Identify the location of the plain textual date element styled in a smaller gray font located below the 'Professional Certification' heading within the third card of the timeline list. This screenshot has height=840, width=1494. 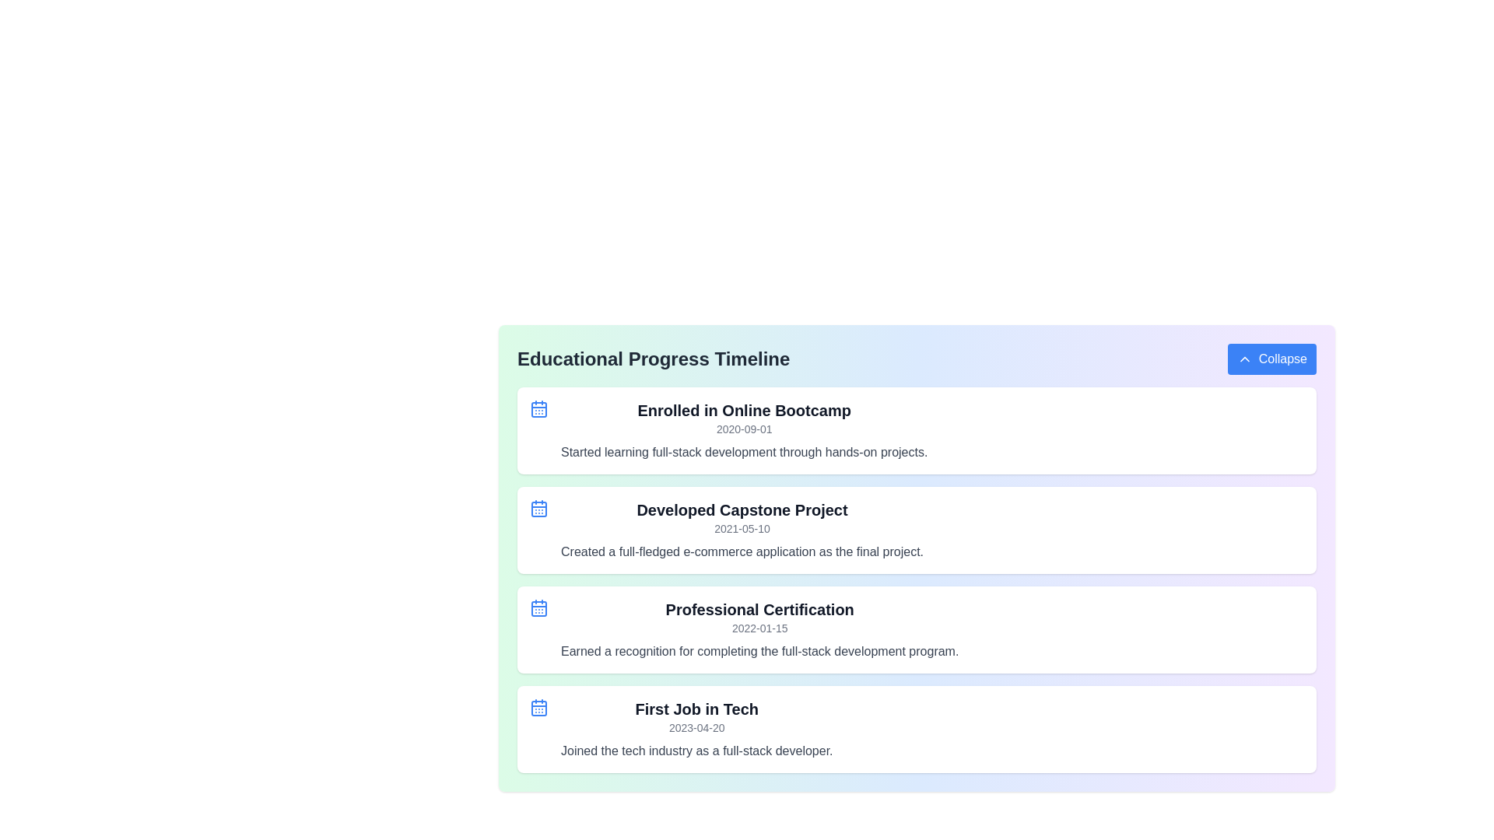
(759, 627).